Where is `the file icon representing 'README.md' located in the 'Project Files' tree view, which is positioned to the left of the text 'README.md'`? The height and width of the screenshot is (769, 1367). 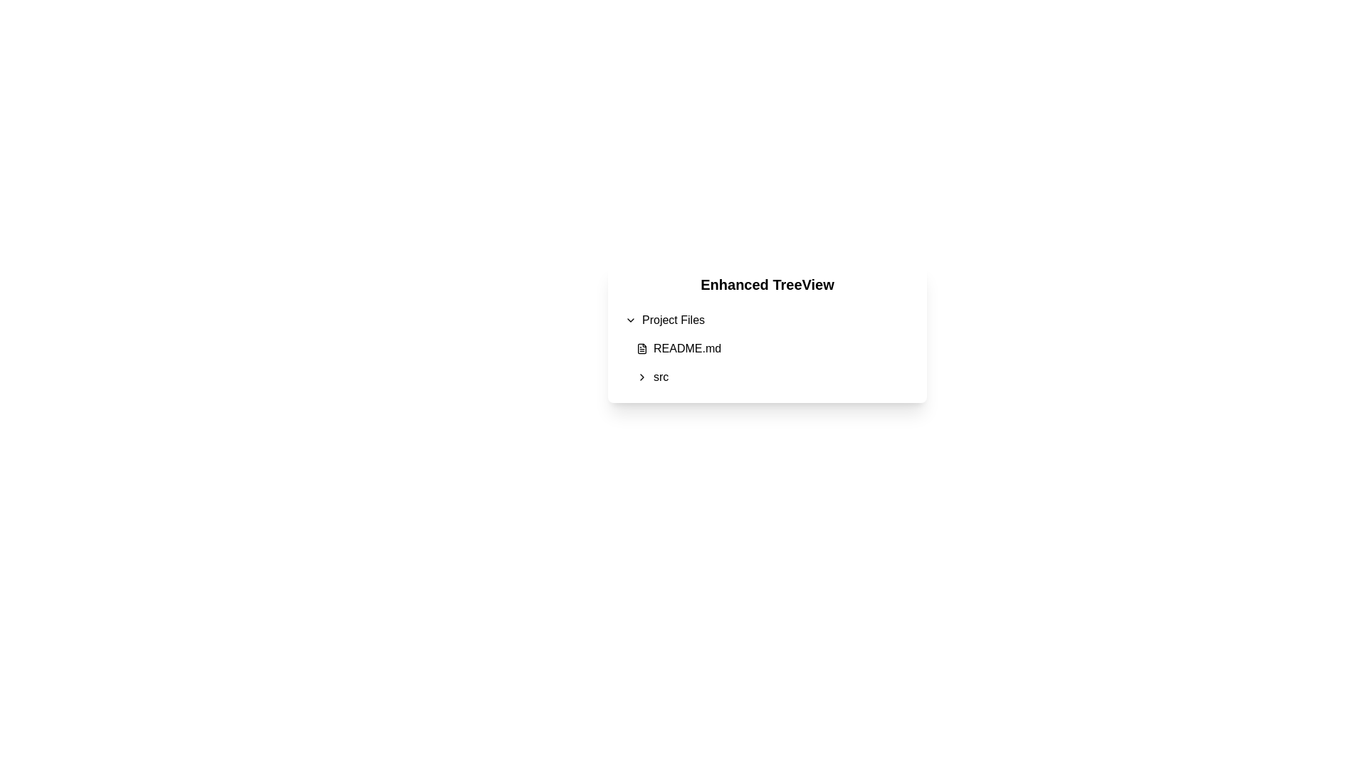 the file icon representing 'README.md' located in the 'Project Files' tree view, which is positioned to the left of the text 'README.md' is located at coordinates (641, 348).